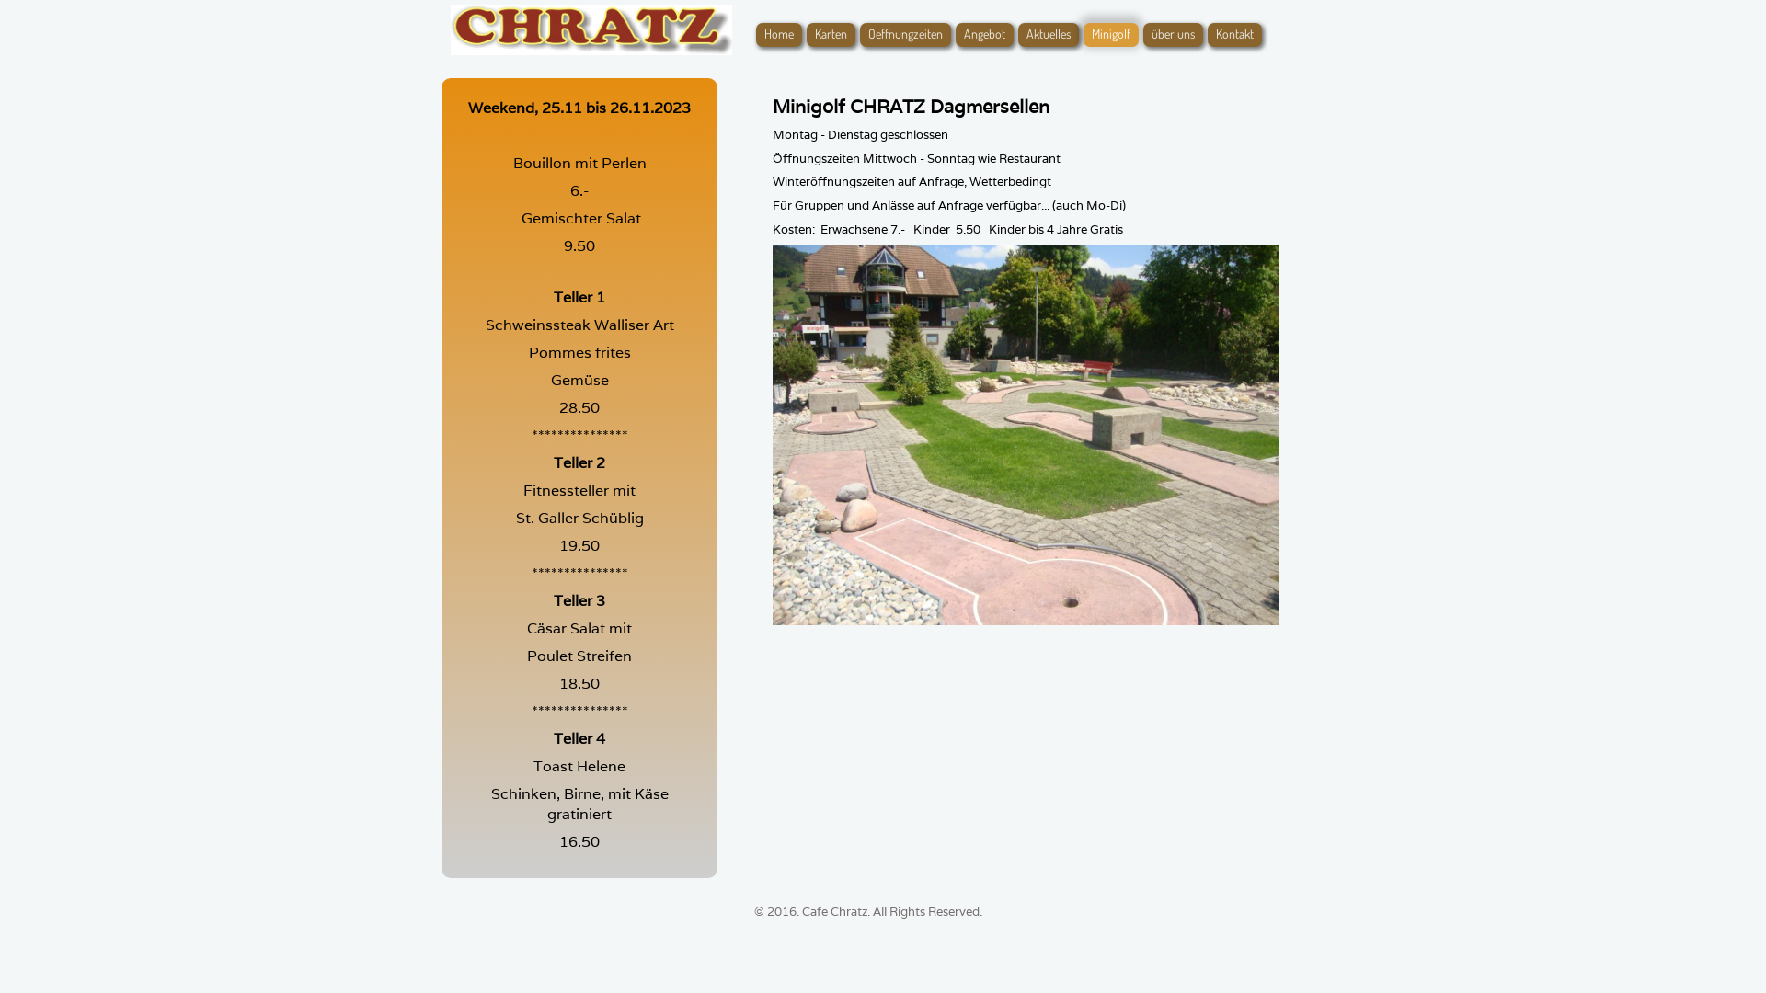 The height and width of the screenshot is (993, 1766). What do you see at coordinates (1083, 35) in the screenshot?
I see `'Minigolf'` at bounding box center [1083, 35].